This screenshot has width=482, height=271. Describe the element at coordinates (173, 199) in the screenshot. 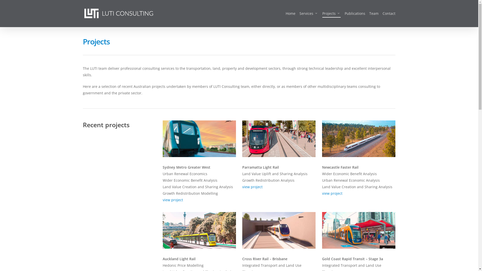

I see `'view project'` at that location.